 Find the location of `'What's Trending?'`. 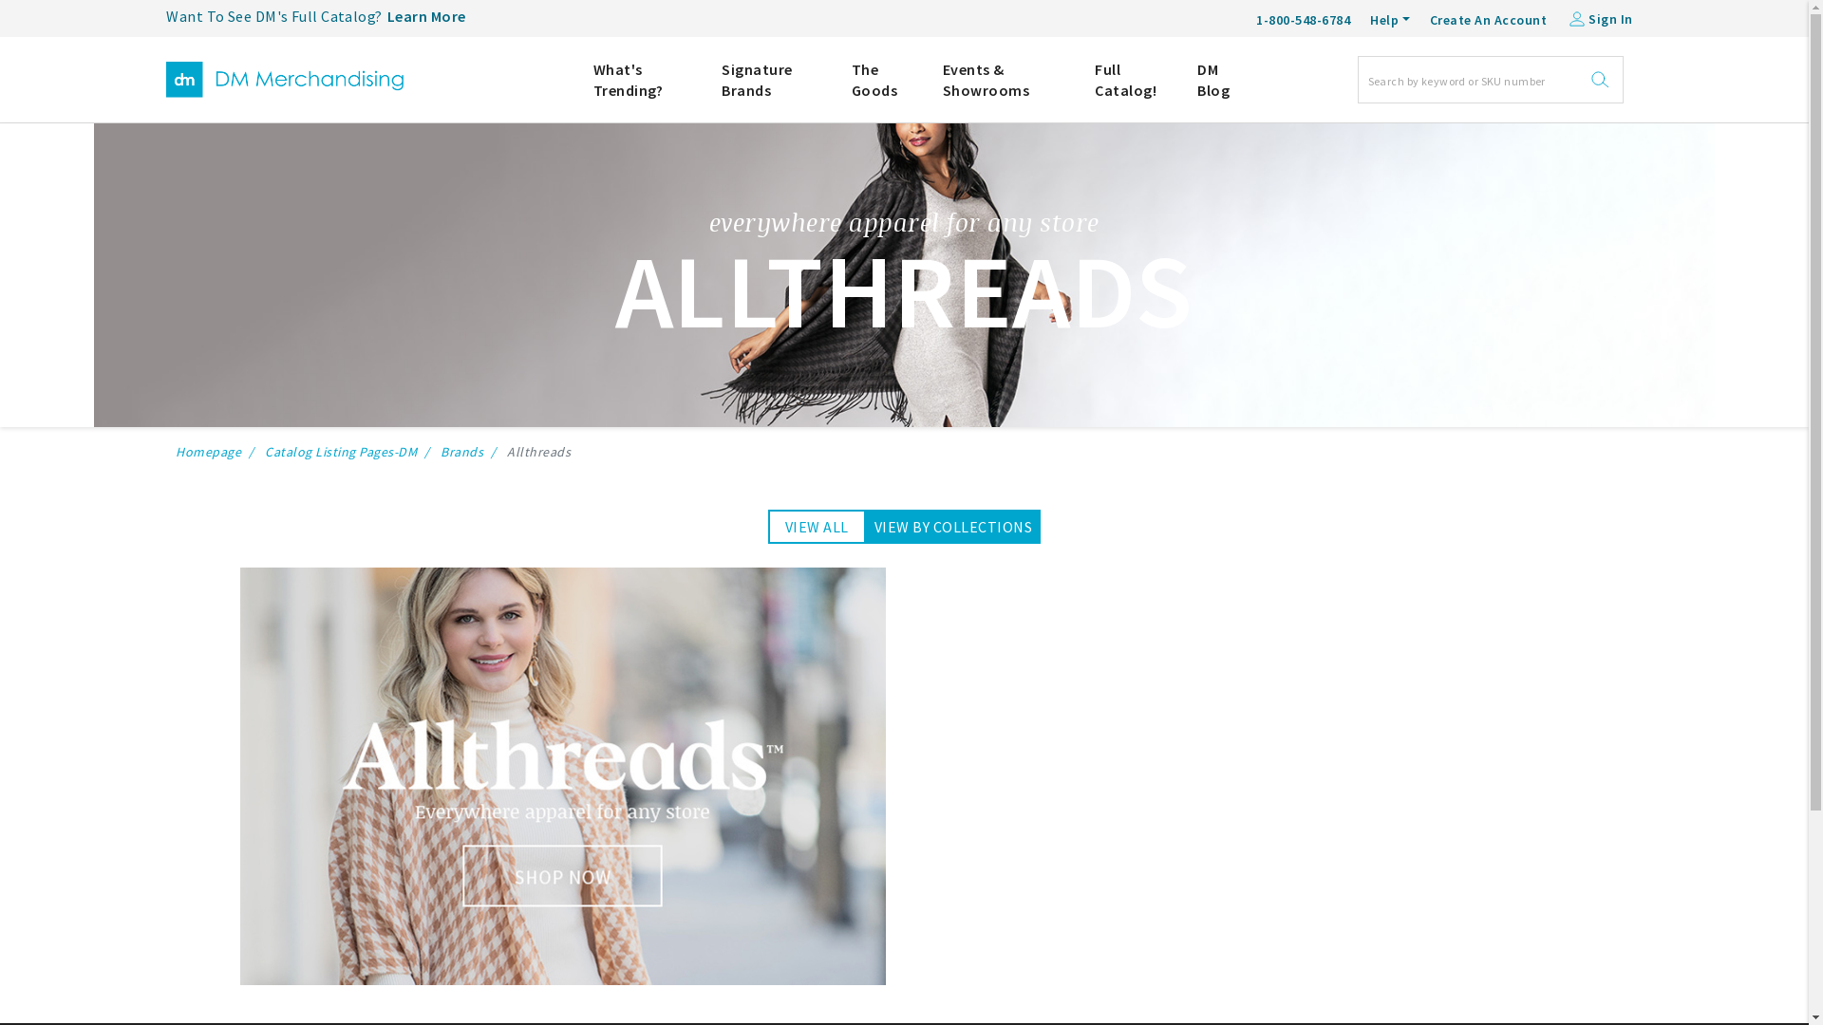

'What's Trending?' is located at coordinates (643, 79).